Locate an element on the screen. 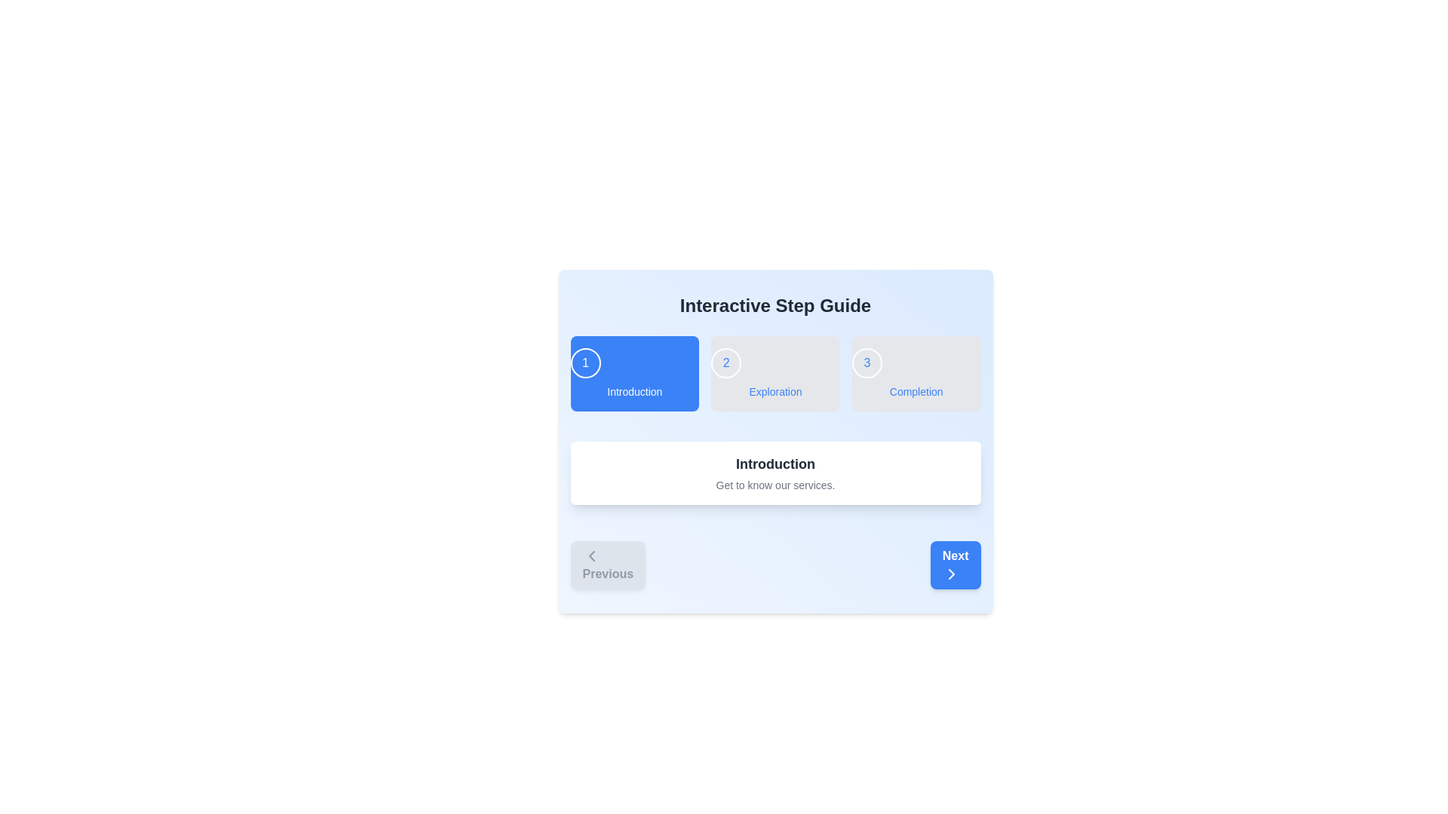 Image resolution: width=1448 pixels, height=814 pixels. the 'Completion' label text, which is displayed in blue underneath the circled number '3' in the step navigation bar, to check for any tooltip is located at coordinates (916, 391).